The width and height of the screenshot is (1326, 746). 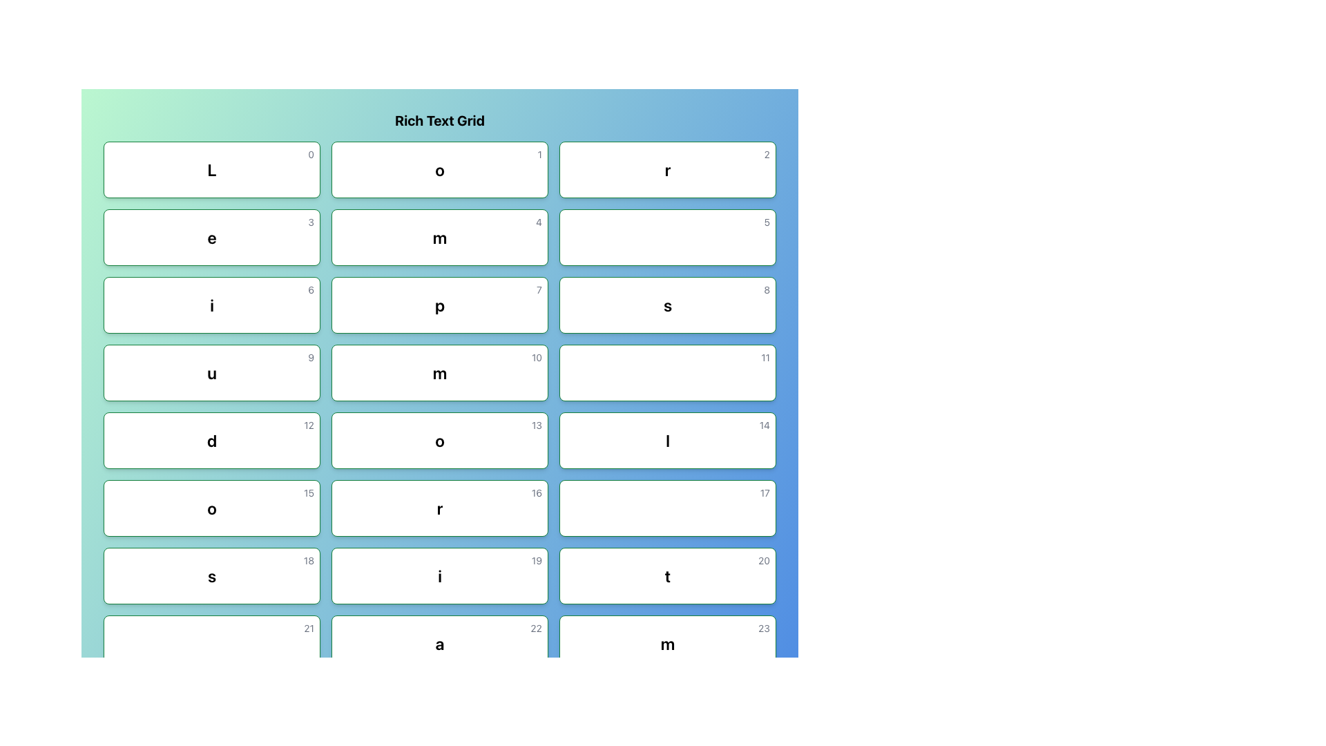 What do you see at coordinates (536, 356) in the screenshot?
I see `the Text label displaying the number 10, located in the top-right corner of the card labeled 'm' in the second column of the fifth row` at bounding box center [536, 356].